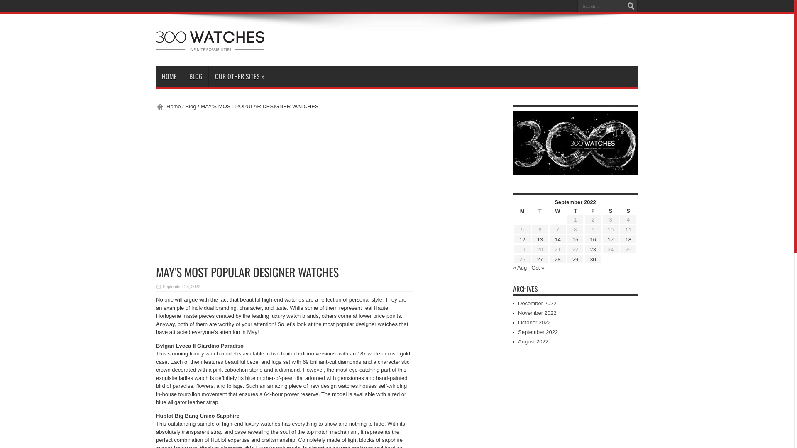 This screenshot has height=448, width=797. What do you see at coordinates (628, 229) in the screenshot?
I see `'11'` at bounding box center [628, 229].